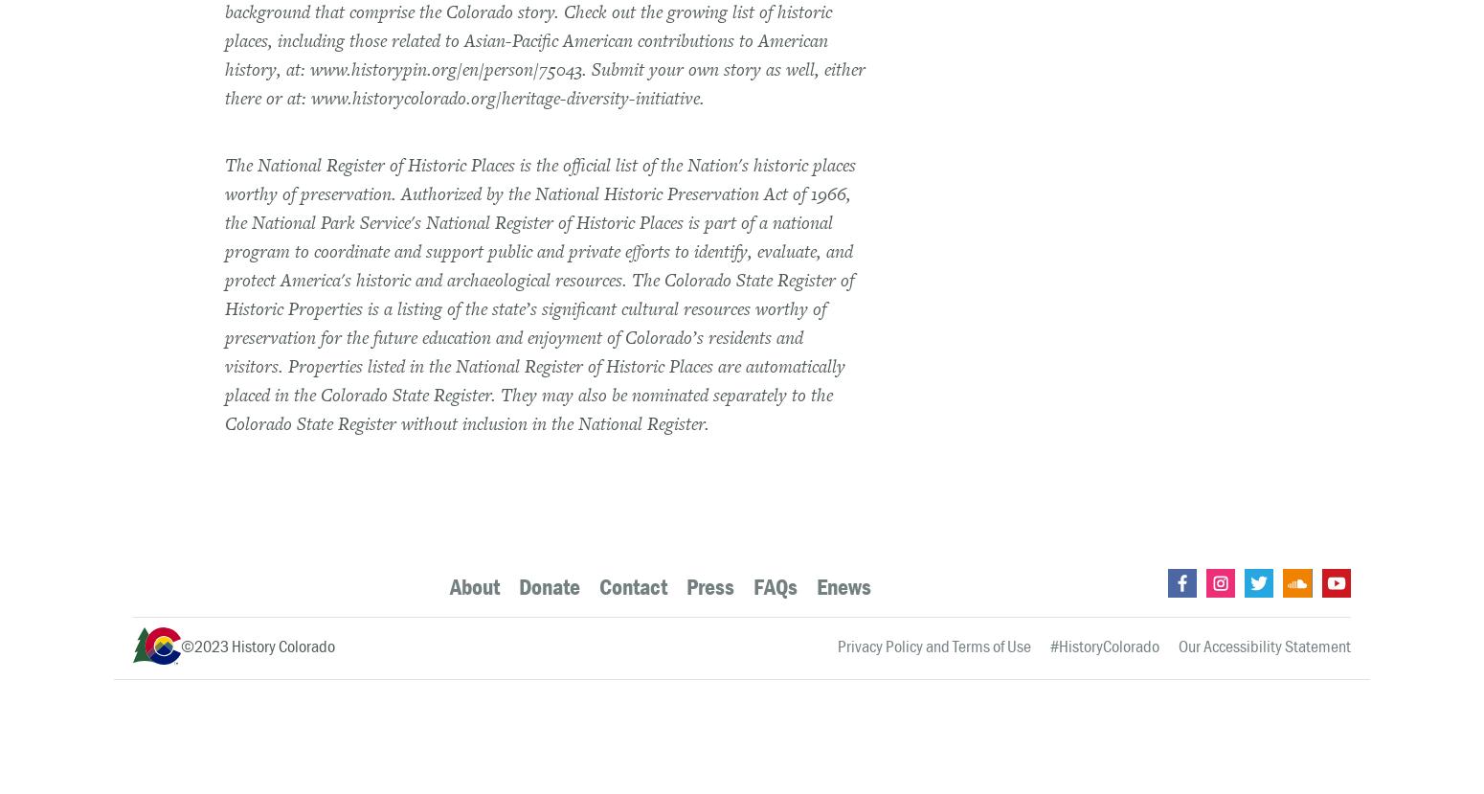  What do you see at coordinates (540, 293) in the screenshot?
I see `'The National Register of Historic Places is the official list of the Nation's historic places worthy of preservation. Authorized by the National Historic Preservation Act of 1966, the National Park Service's National Register of Historic Places is part of a national program to coordinate and support public and private efforts to identify, evaluate, and protect America's historic and archaeological resources. The Colorado State Register of Historic Properties is a listing of the state’s significant cultural resources worthy of preservation for the future education and enjoyment of Colorado’s residents and visitors. Properties listed in the National Register of Historic Places are automatically placed in the Colorado State Register. They may also be nominated separately to the Colorado State Register without inclusion in the National Register.'` at bounding box center [540, 293].